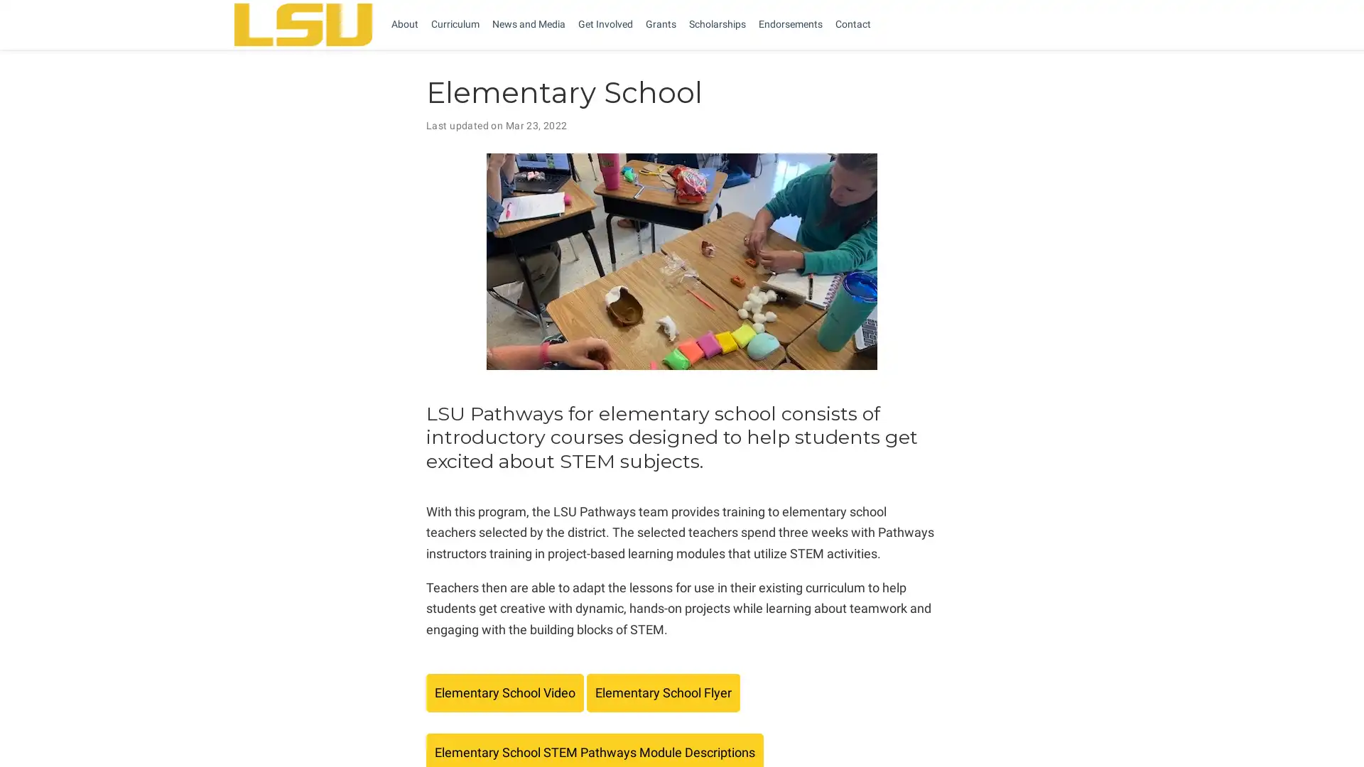 The height and width of the screenshot is (767, 1364). What do you see at coordinates (663, 692) in the screenshot?
I see `Elementary School Flyer` at bounding box center [663, 692].